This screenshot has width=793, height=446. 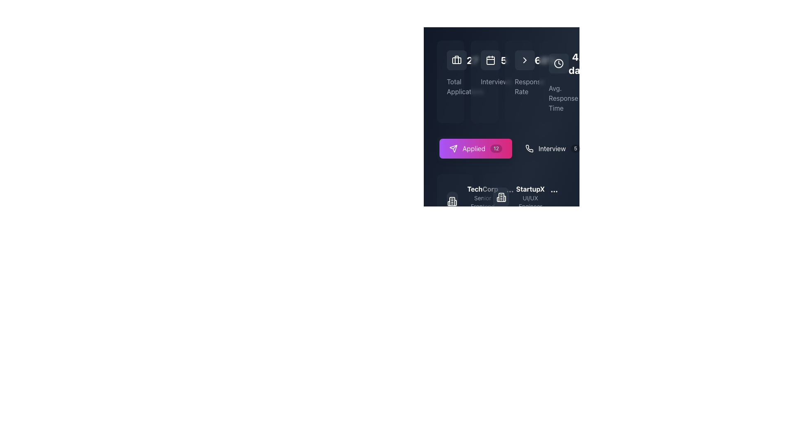 What do you see at coordinates (456, 60) in the screenshot?
I see `the Decorative UI component styled with rounded corners, contained within a briefcase icon located in the top-left corner of the grid displaying summarized statistics` at bounding box center [456, 60].